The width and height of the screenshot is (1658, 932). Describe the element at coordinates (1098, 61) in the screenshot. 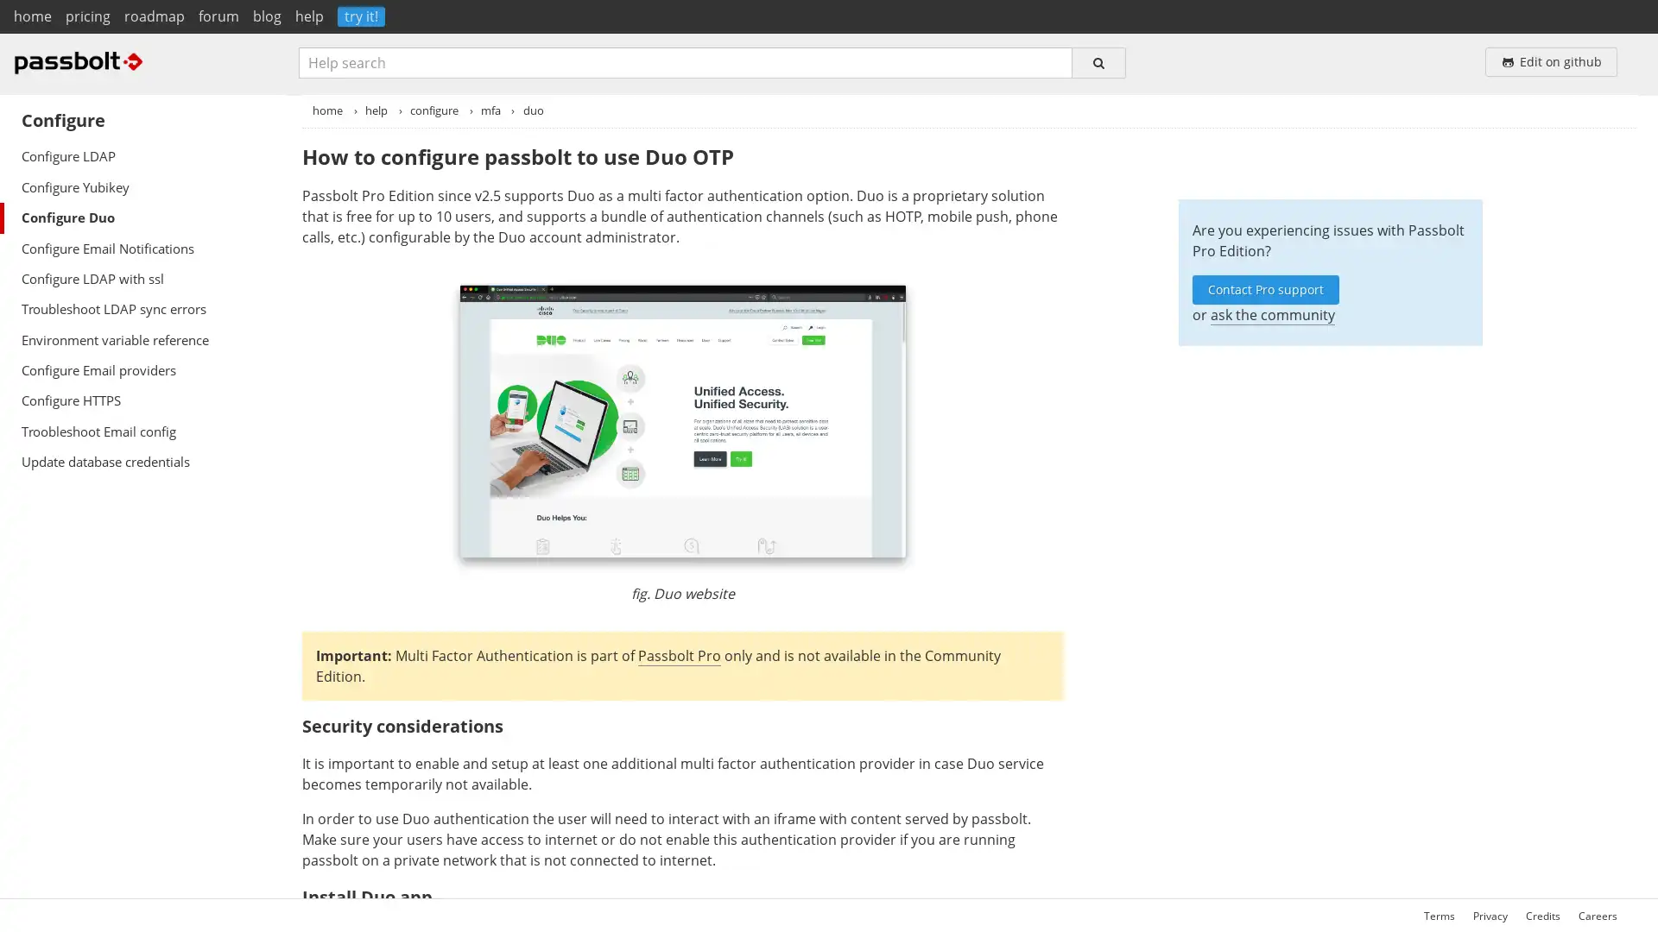

I see `search` at that location.